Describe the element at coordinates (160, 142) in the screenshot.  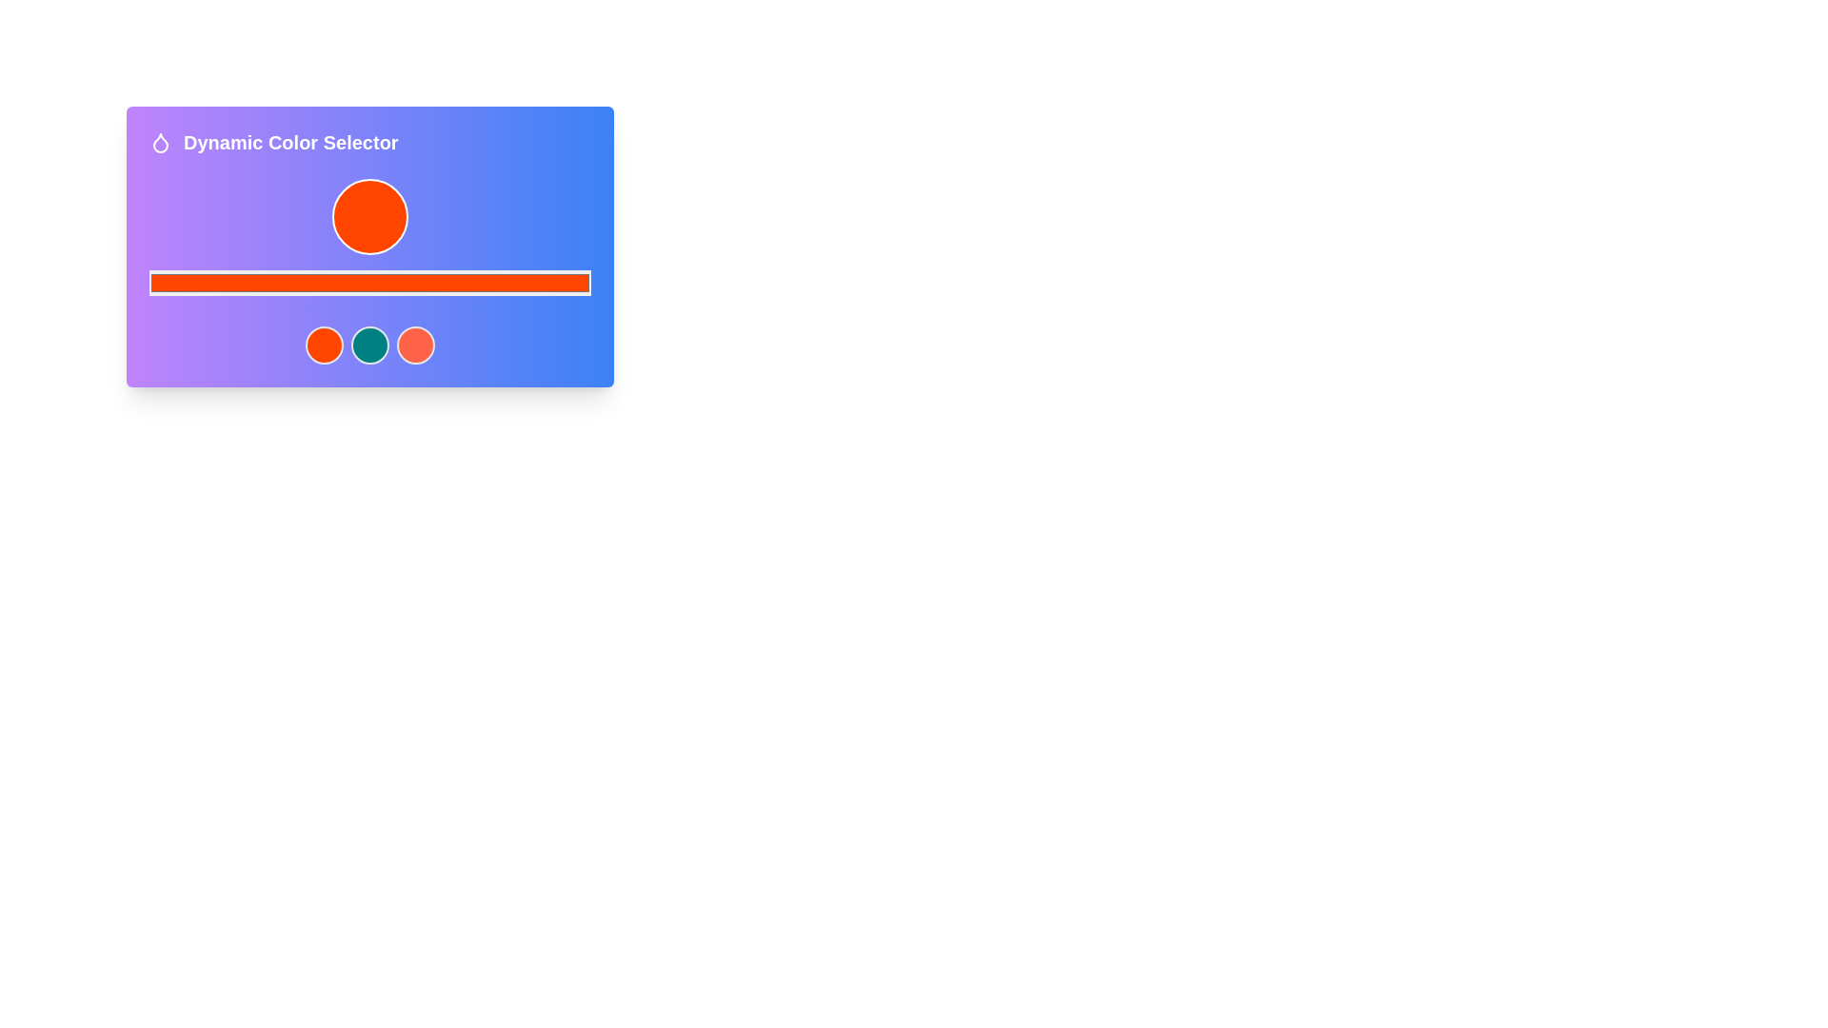
I see `the icon representing the dynamic color selector feature, which is located to the left of the text 'Dynamic Color Selector'` at that location.